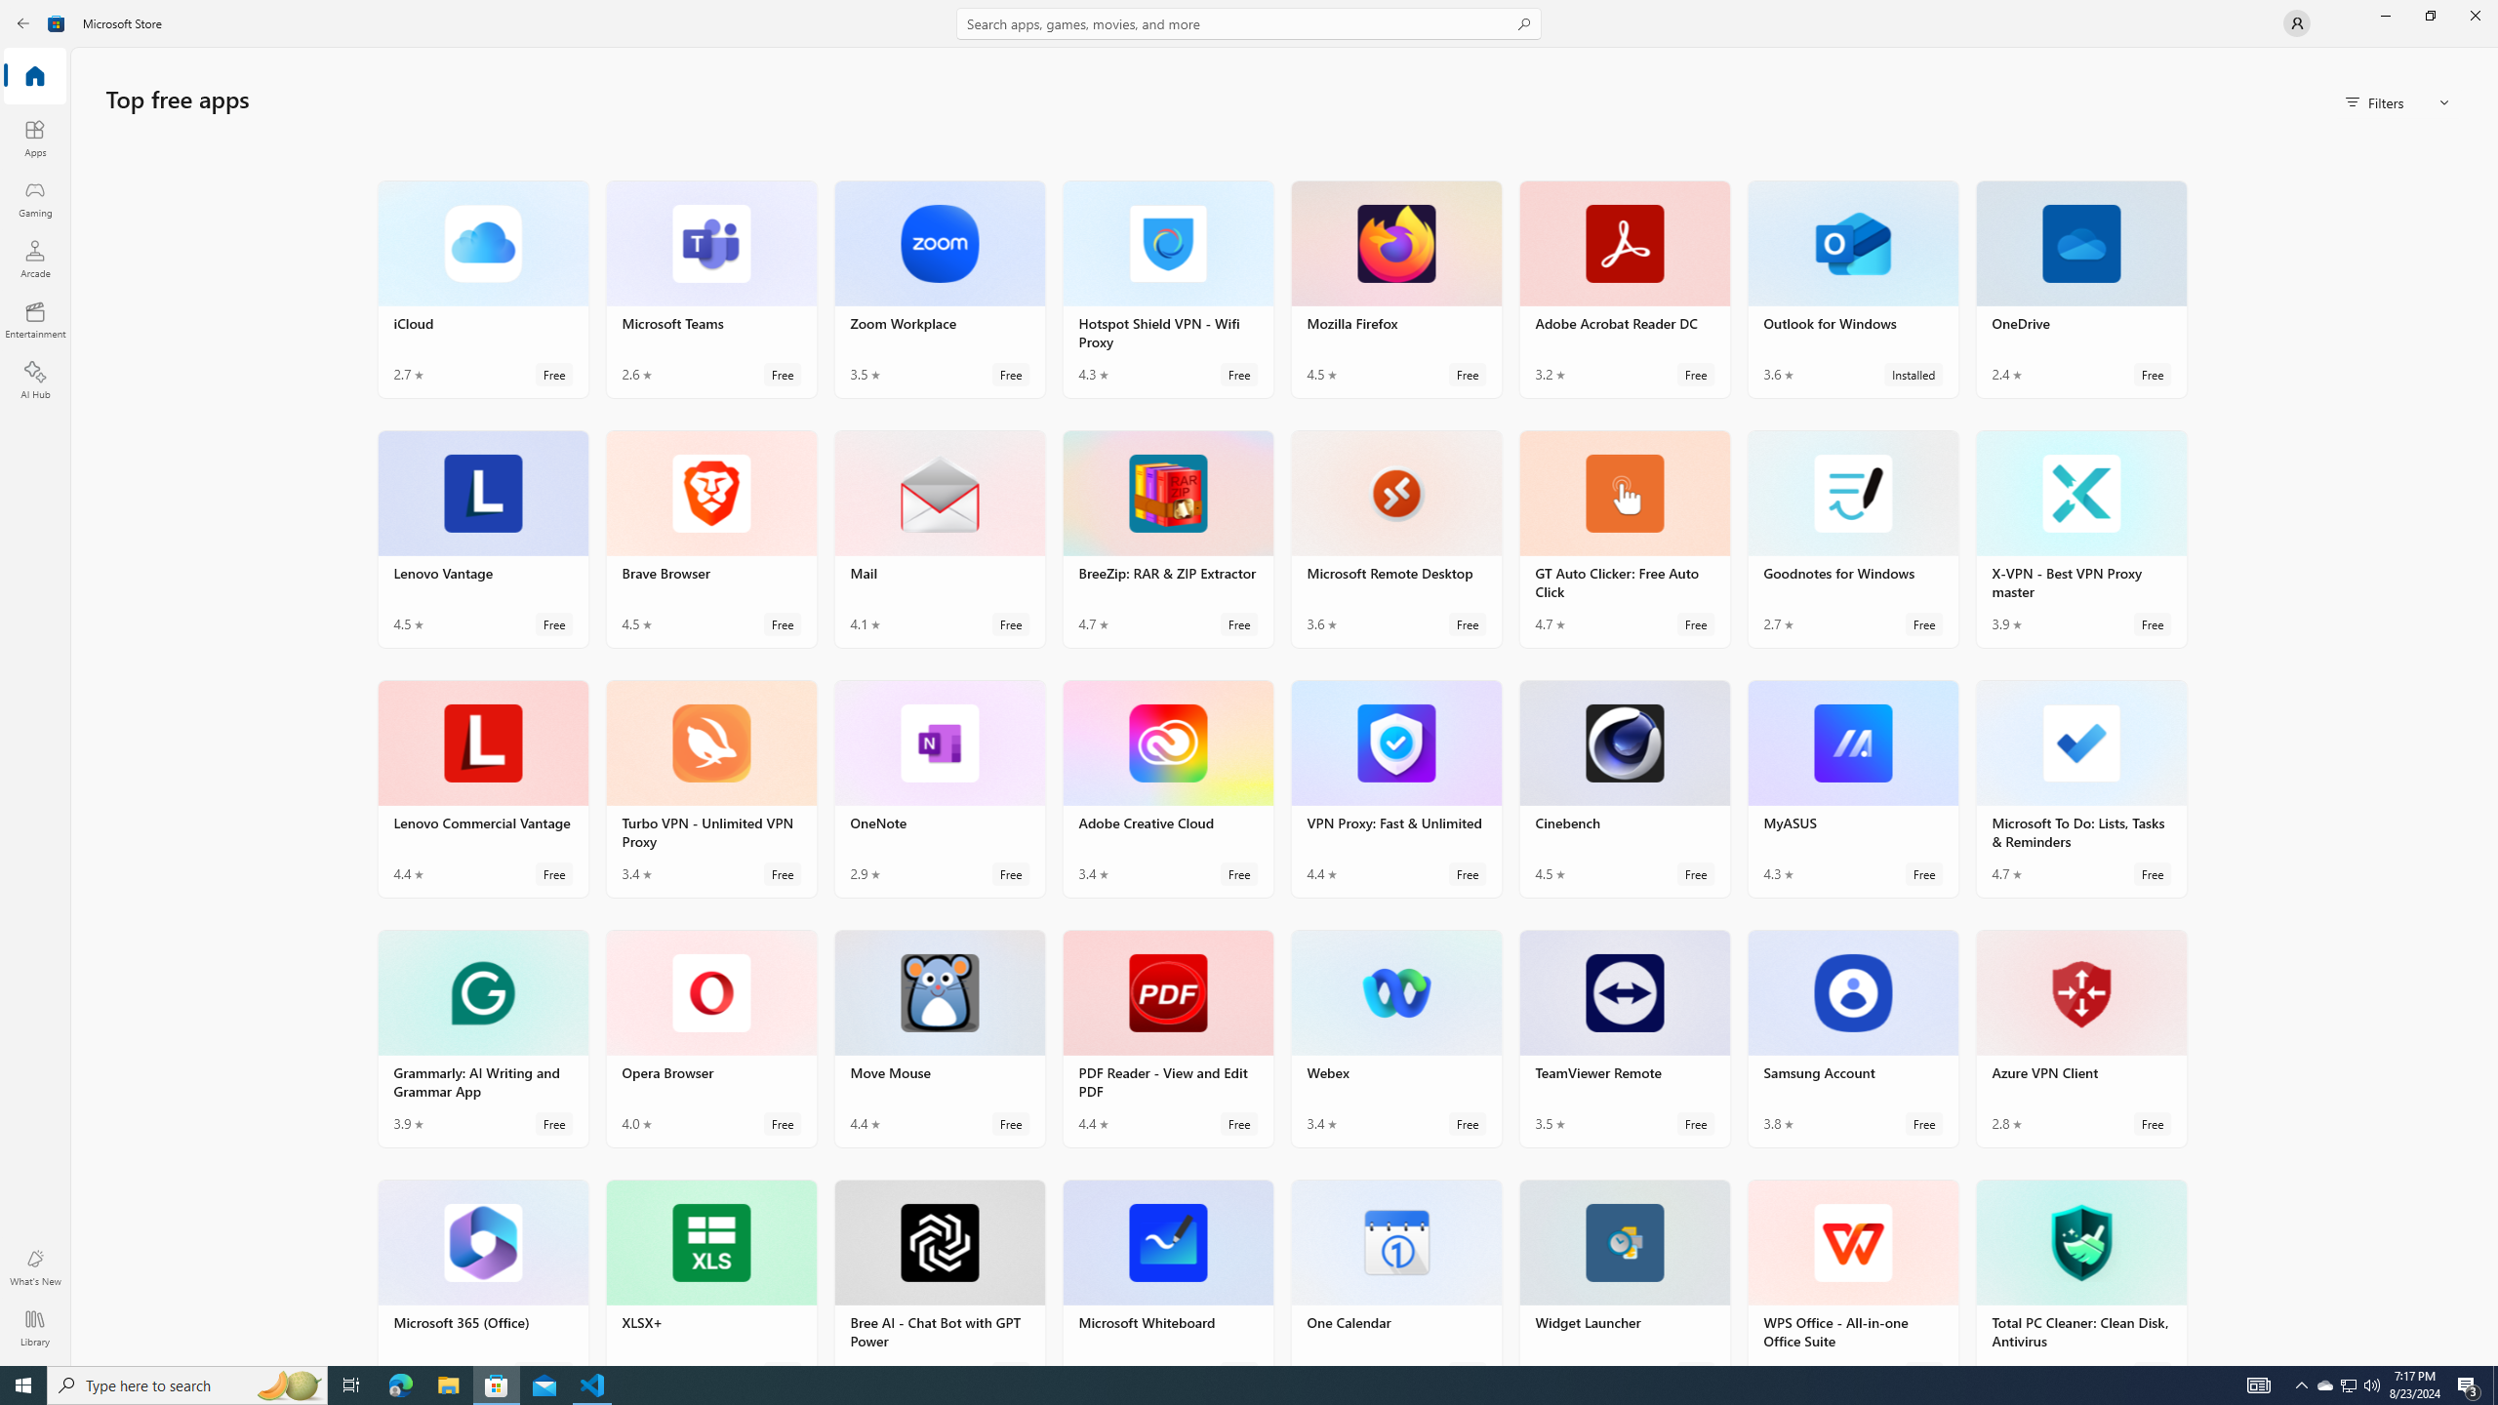 This screenshot has width=2498, height=1405. I want to click on 'XLSX+. Average rating of 4.6 out of five stars. Free  ', so click(709, 1270).